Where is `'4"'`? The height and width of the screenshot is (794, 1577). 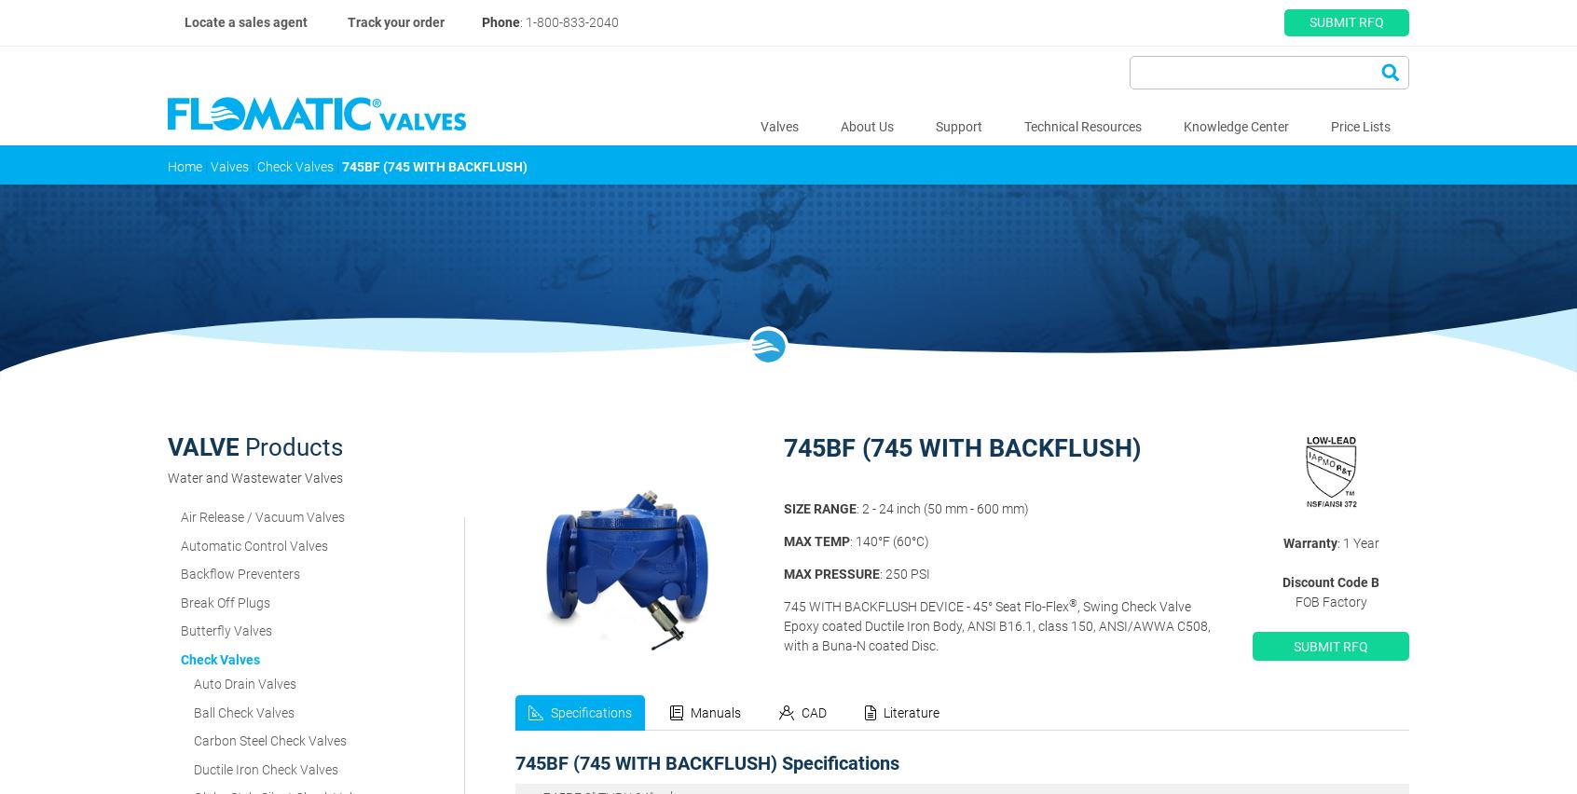
'4"' is located at coordinates (746, 714).